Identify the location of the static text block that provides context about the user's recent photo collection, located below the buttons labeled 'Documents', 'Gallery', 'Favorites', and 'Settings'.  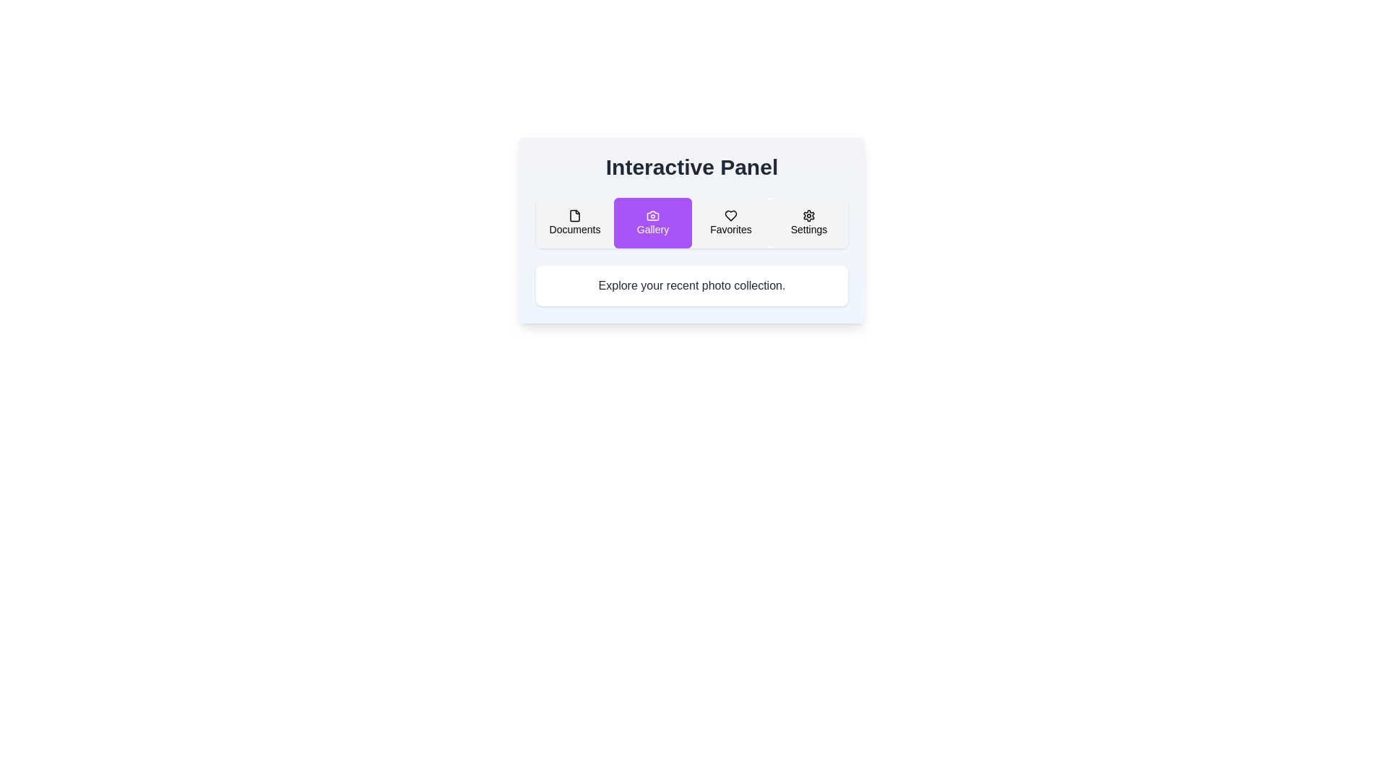
(691, 286).